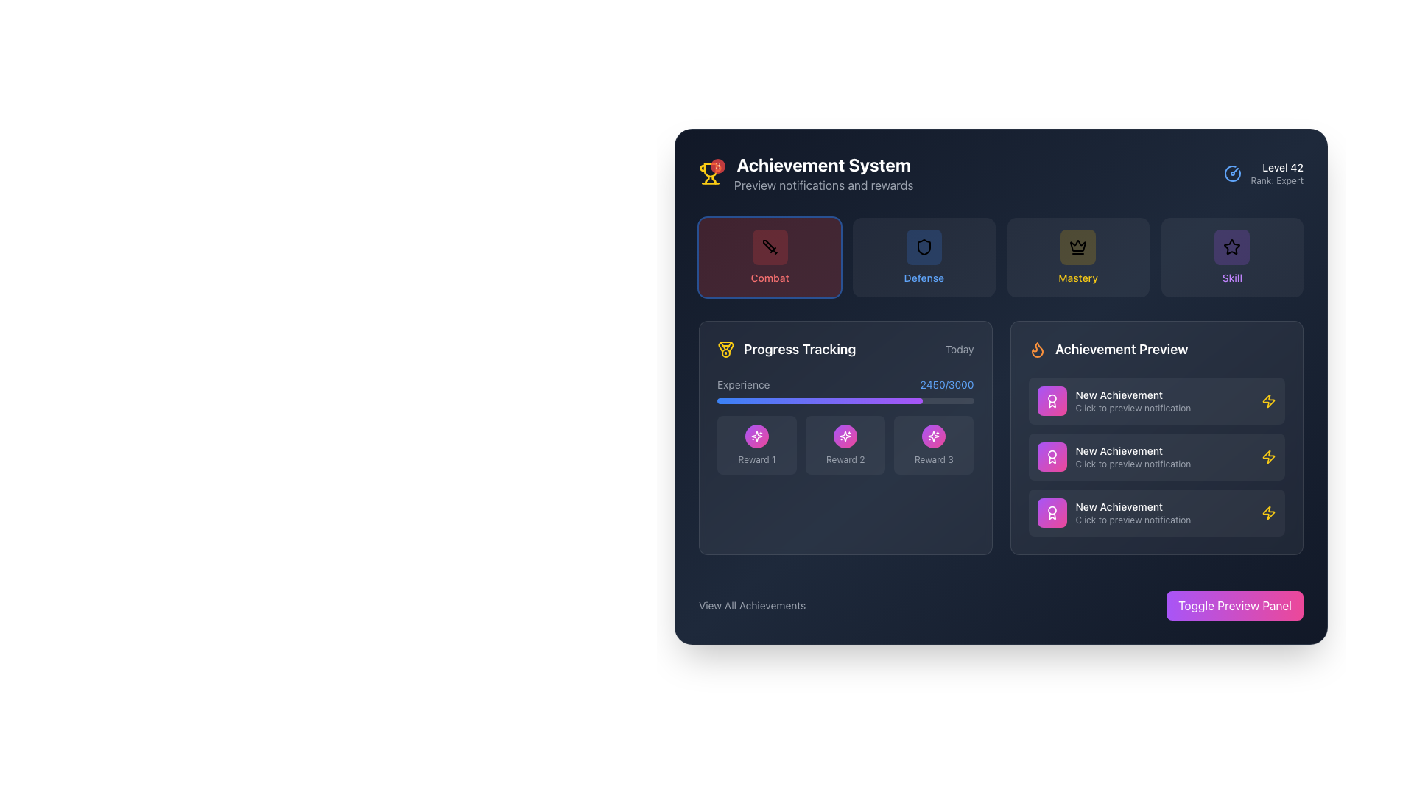 The height and width of the screenshot is (795, 1414). What do you see at coordinates (845, 445) in the screenshot?
I see `keyboard navigation` at bounding box center [845, 445].